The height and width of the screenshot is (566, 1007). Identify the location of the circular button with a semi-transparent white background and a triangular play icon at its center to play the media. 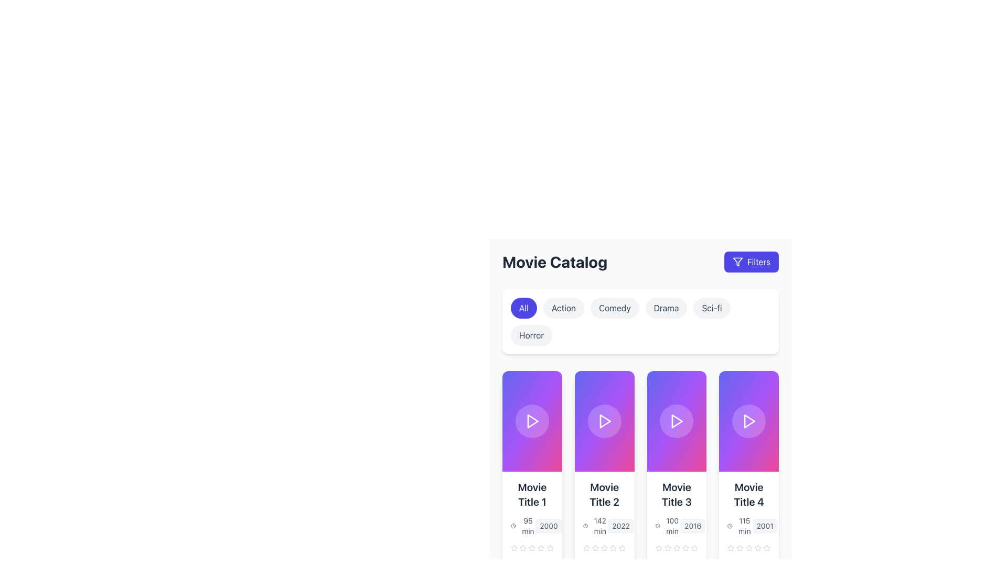
(532, 420).